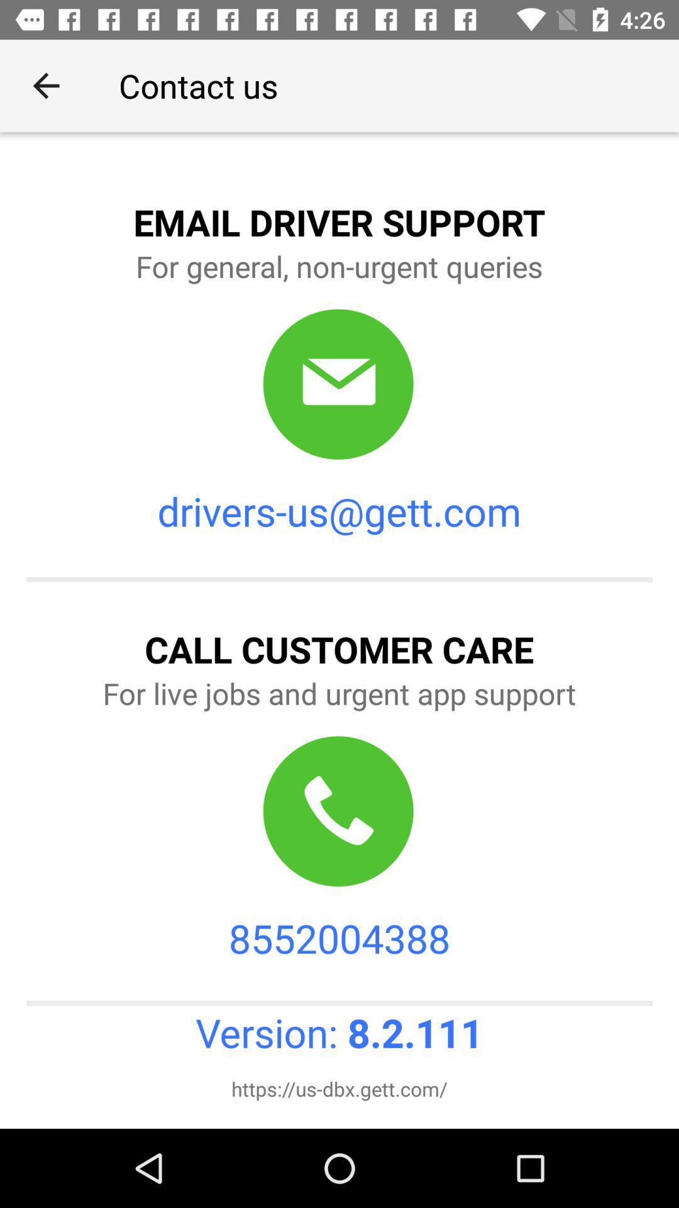 Image resolution: width=679 pixels, height=1208 pixels. Describe the element at coordinates (339, 938) in the screenshot. I see `8552004388` at that location.